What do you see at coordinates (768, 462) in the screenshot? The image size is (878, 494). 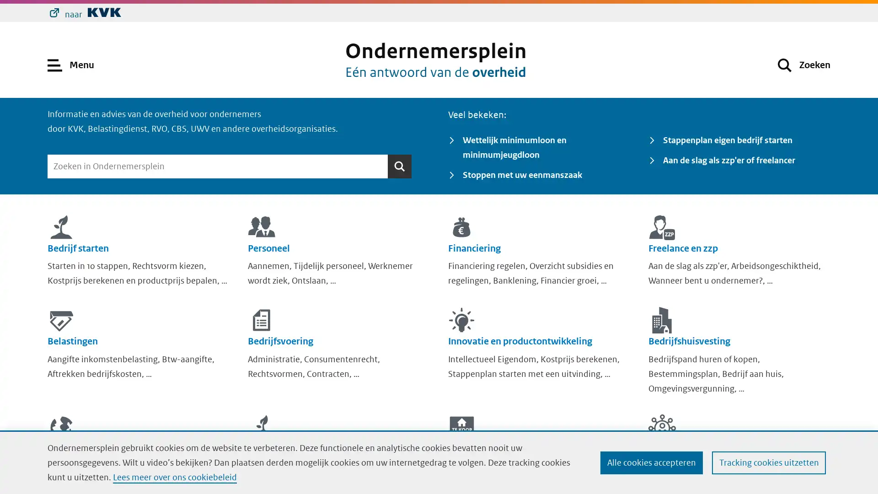 I see `Tracking cookies uitzetten` at bounding box center [768, 462].